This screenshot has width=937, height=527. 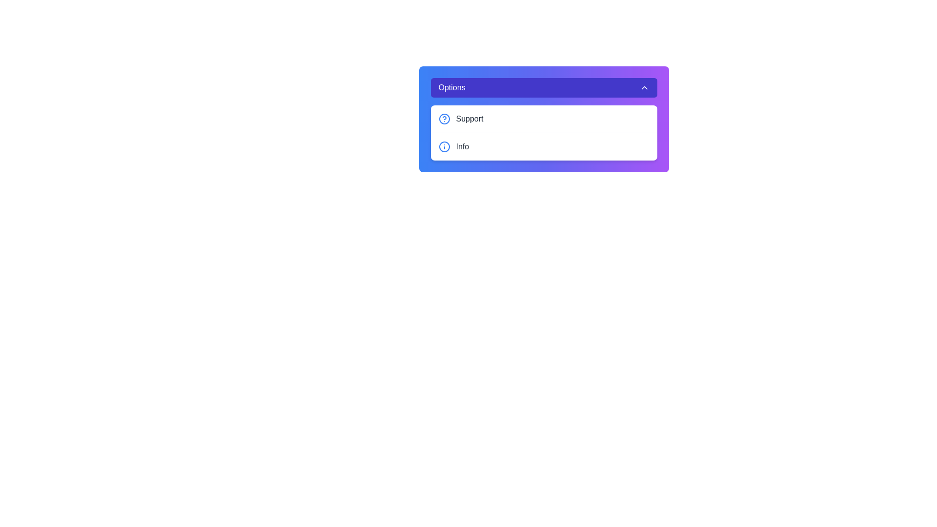 What do you see at coordinates (462, 146) in the screenshot?
I see `the 'Info' text label element, which is styled with a gray font color and positioned to the right of a blue information icon in a vertical menu` at bounding box center [462, 146].